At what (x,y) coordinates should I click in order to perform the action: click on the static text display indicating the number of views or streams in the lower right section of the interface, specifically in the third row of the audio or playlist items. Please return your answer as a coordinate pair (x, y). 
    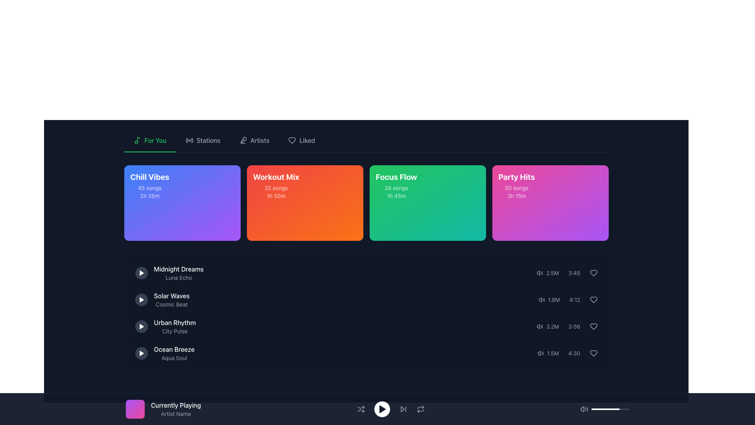
    Looking at the image, I should click on (547, 326).